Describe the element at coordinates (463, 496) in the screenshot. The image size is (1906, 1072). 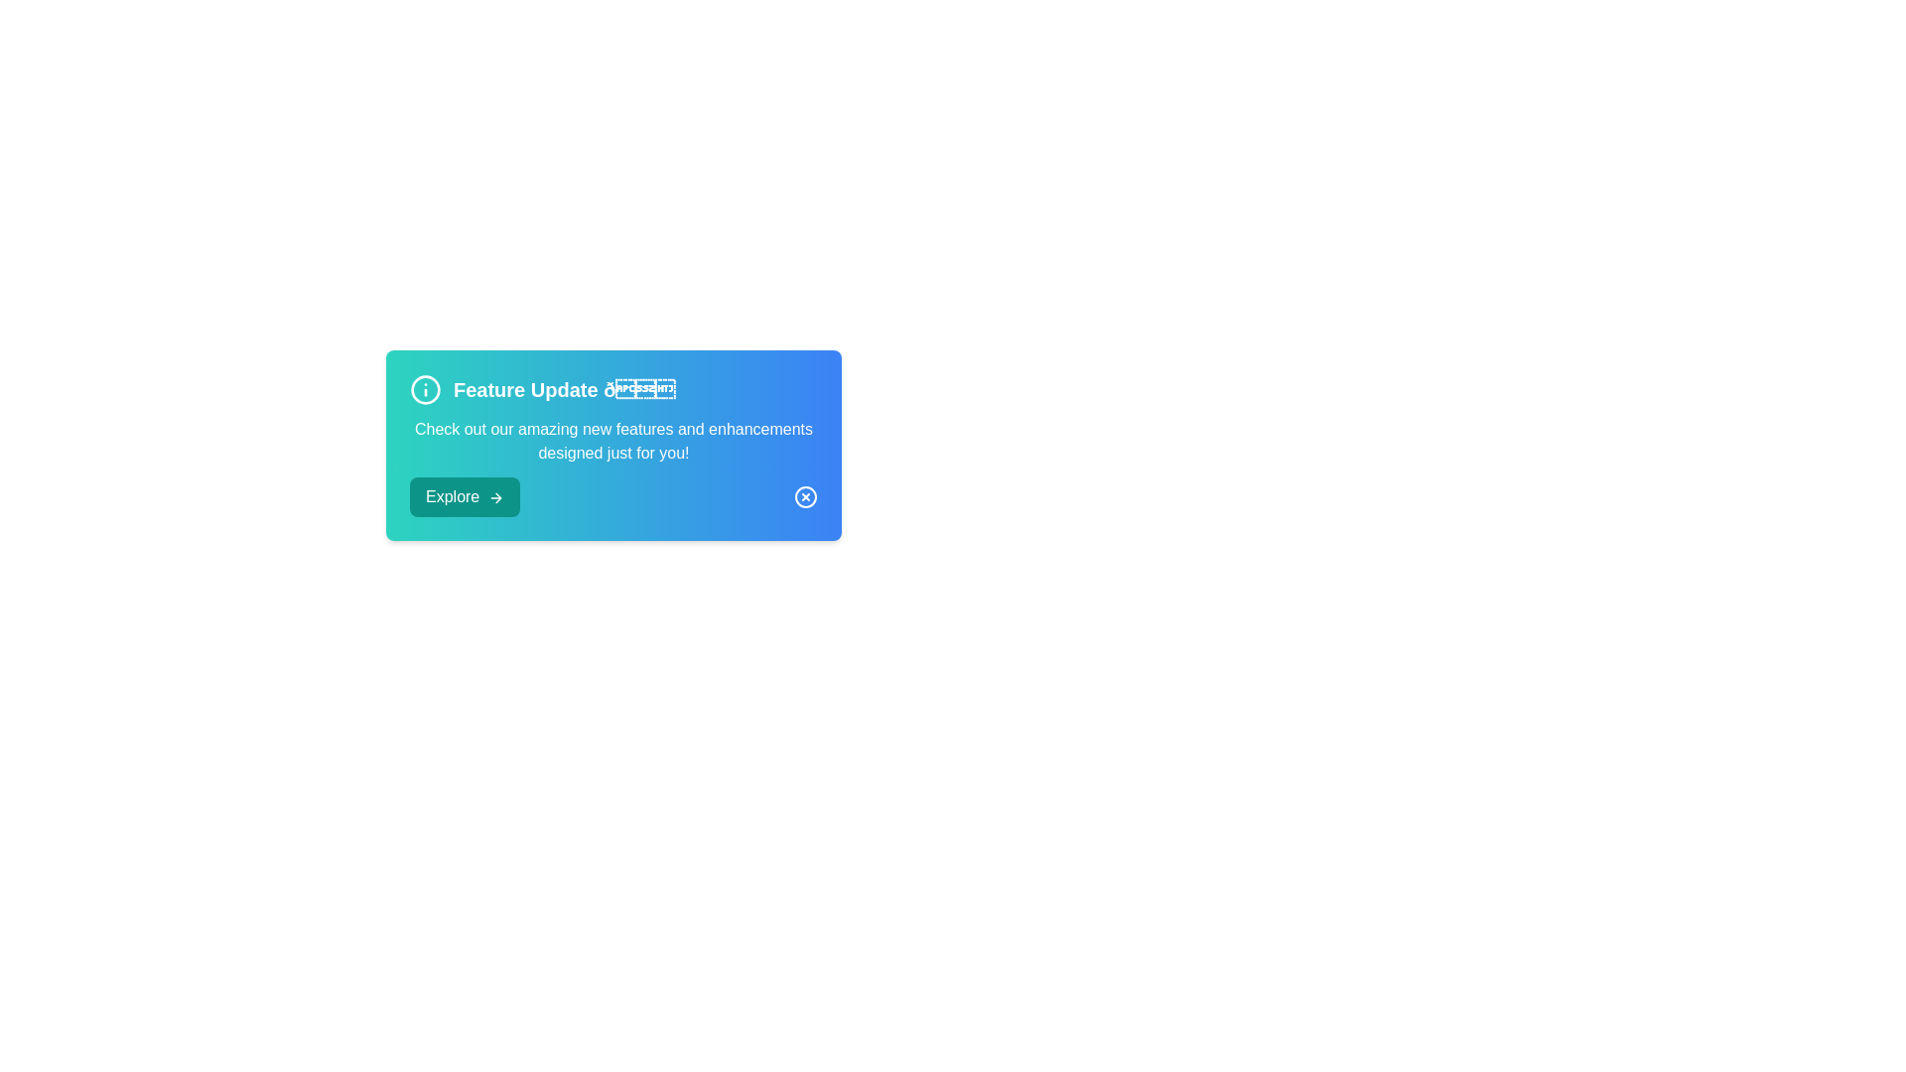
I see `'Explore' button to trigger the alert` at that location.